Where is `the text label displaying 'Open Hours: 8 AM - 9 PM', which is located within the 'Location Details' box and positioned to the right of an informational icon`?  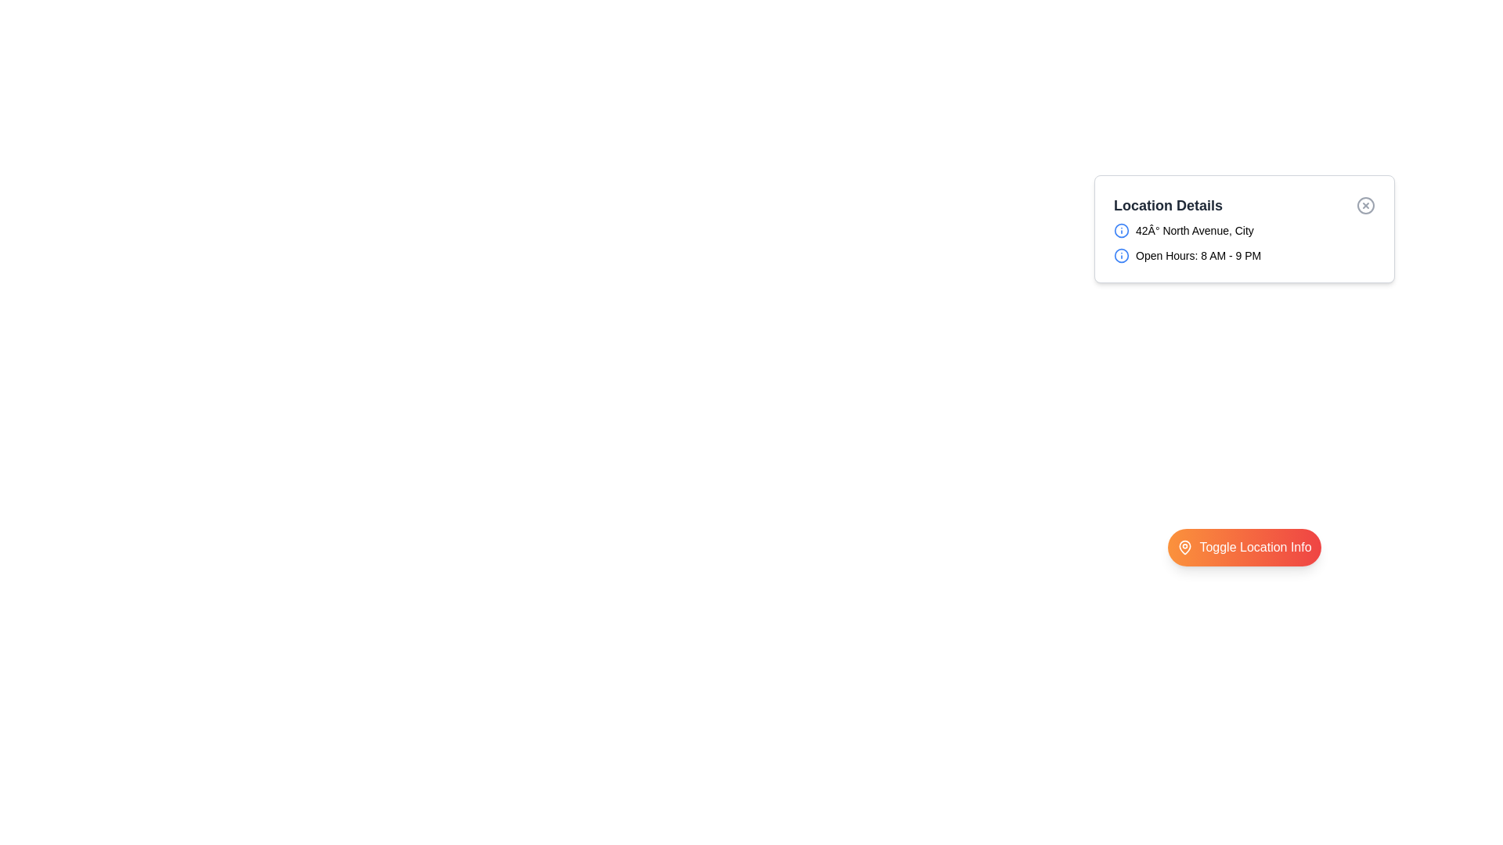 the text label displaying 'Open Hours: 8 AM - 9 PM', which is located within the 'Location Details' box and positioned to the right of an informational icon is located at coordinates (1198, 255).